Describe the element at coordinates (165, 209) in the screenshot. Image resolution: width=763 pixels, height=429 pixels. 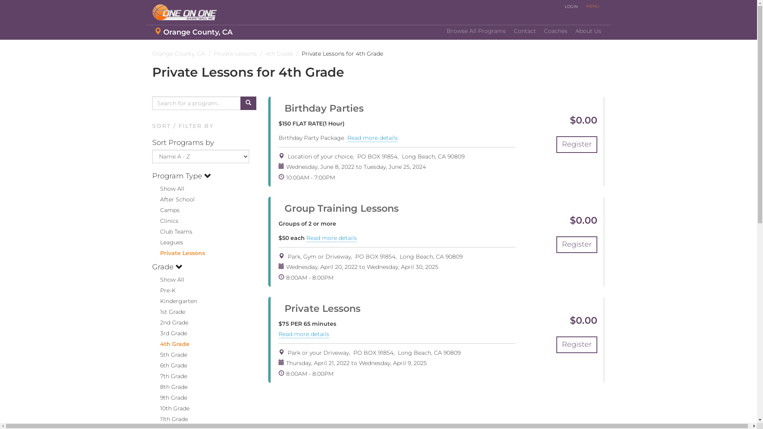
I see `'Camps'` at that location.